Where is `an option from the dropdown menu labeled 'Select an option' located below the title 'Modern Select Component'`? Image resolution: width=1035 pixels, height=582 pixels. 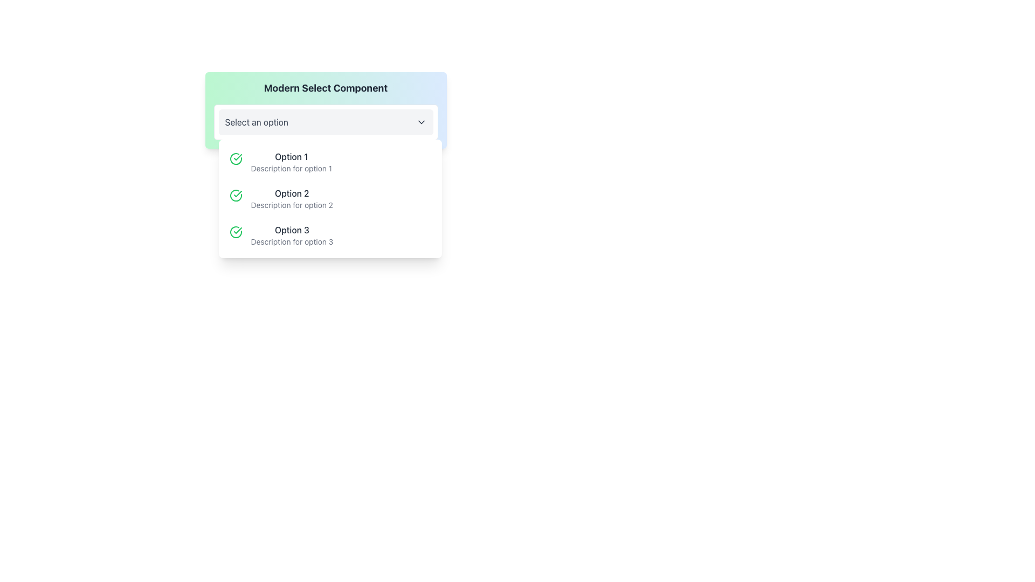 an option from the dropdown menu labeled 'Select an option' located below the title 'Modern Select Component' is located at coordinates (325, 110).